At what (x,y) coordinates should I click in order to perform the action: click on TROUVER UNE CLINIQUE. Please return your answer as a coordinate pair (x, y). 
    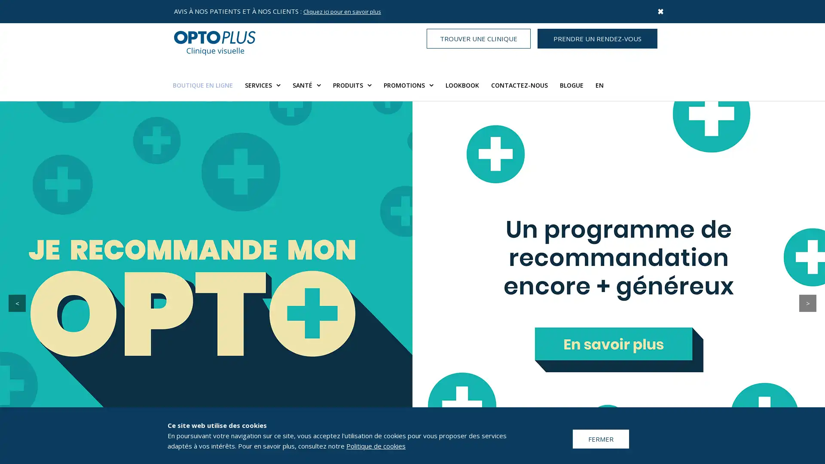
    Looking at the image, I should click on (478, 38).